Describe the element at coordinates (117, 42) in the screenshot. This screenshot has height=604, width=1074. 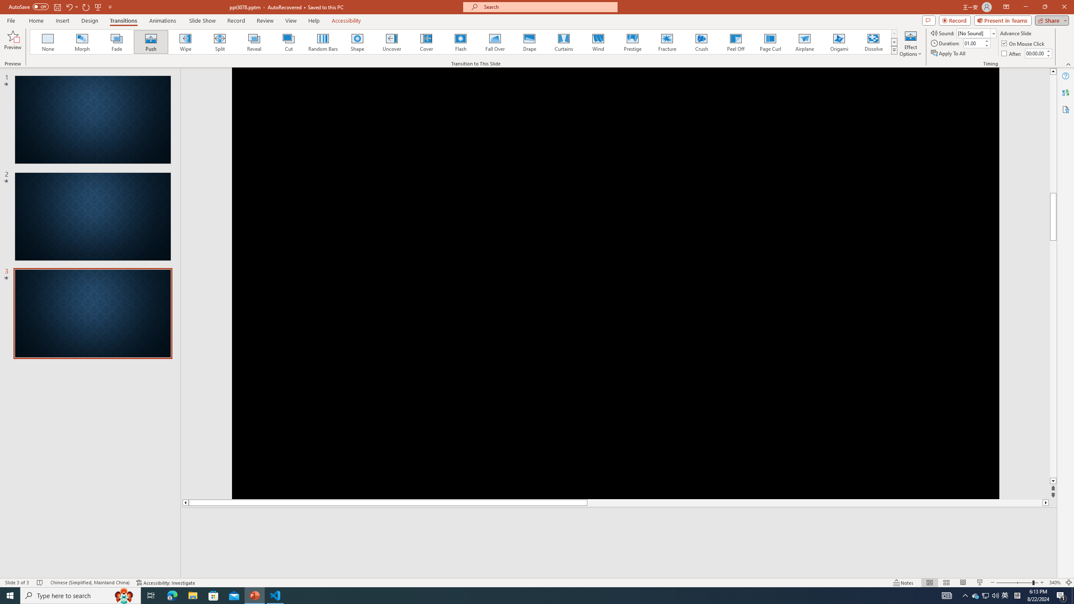
I see `'Fade'` at that location.